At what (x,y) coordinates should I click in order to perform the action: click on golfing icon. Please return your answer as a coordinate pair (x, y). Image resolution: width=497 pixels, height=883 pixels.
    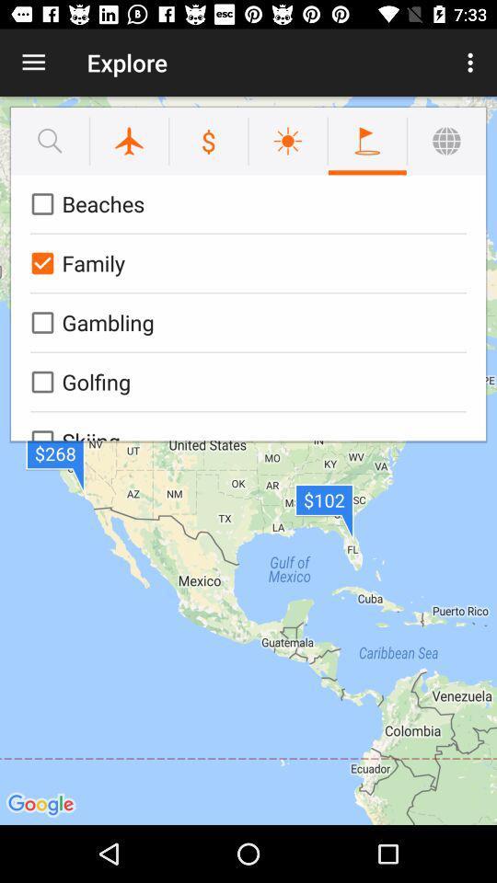
    Looking at the image, I should click on (245, 381).